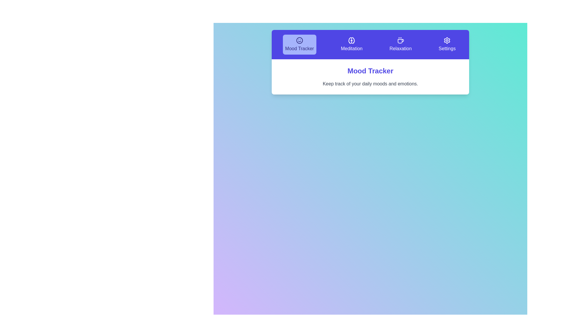 This screenshot has width=564, height=317. Describe the element at coordinates (299, 40) in the screenshot. I see `the smiley face icon with a blue background and dark blue details, located in the 'Mood Tracker' section` at that location.